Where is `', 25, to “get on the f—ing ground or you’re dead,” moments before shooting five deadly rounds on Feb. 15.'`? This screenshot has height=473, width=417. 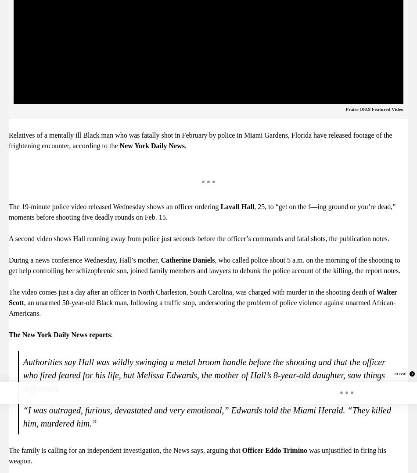
', 25, to “get on the f—ing ground or you’re dead,” moments before shooting five deadly rounds on Feb. 15.' is located at coordinates (201, 211).